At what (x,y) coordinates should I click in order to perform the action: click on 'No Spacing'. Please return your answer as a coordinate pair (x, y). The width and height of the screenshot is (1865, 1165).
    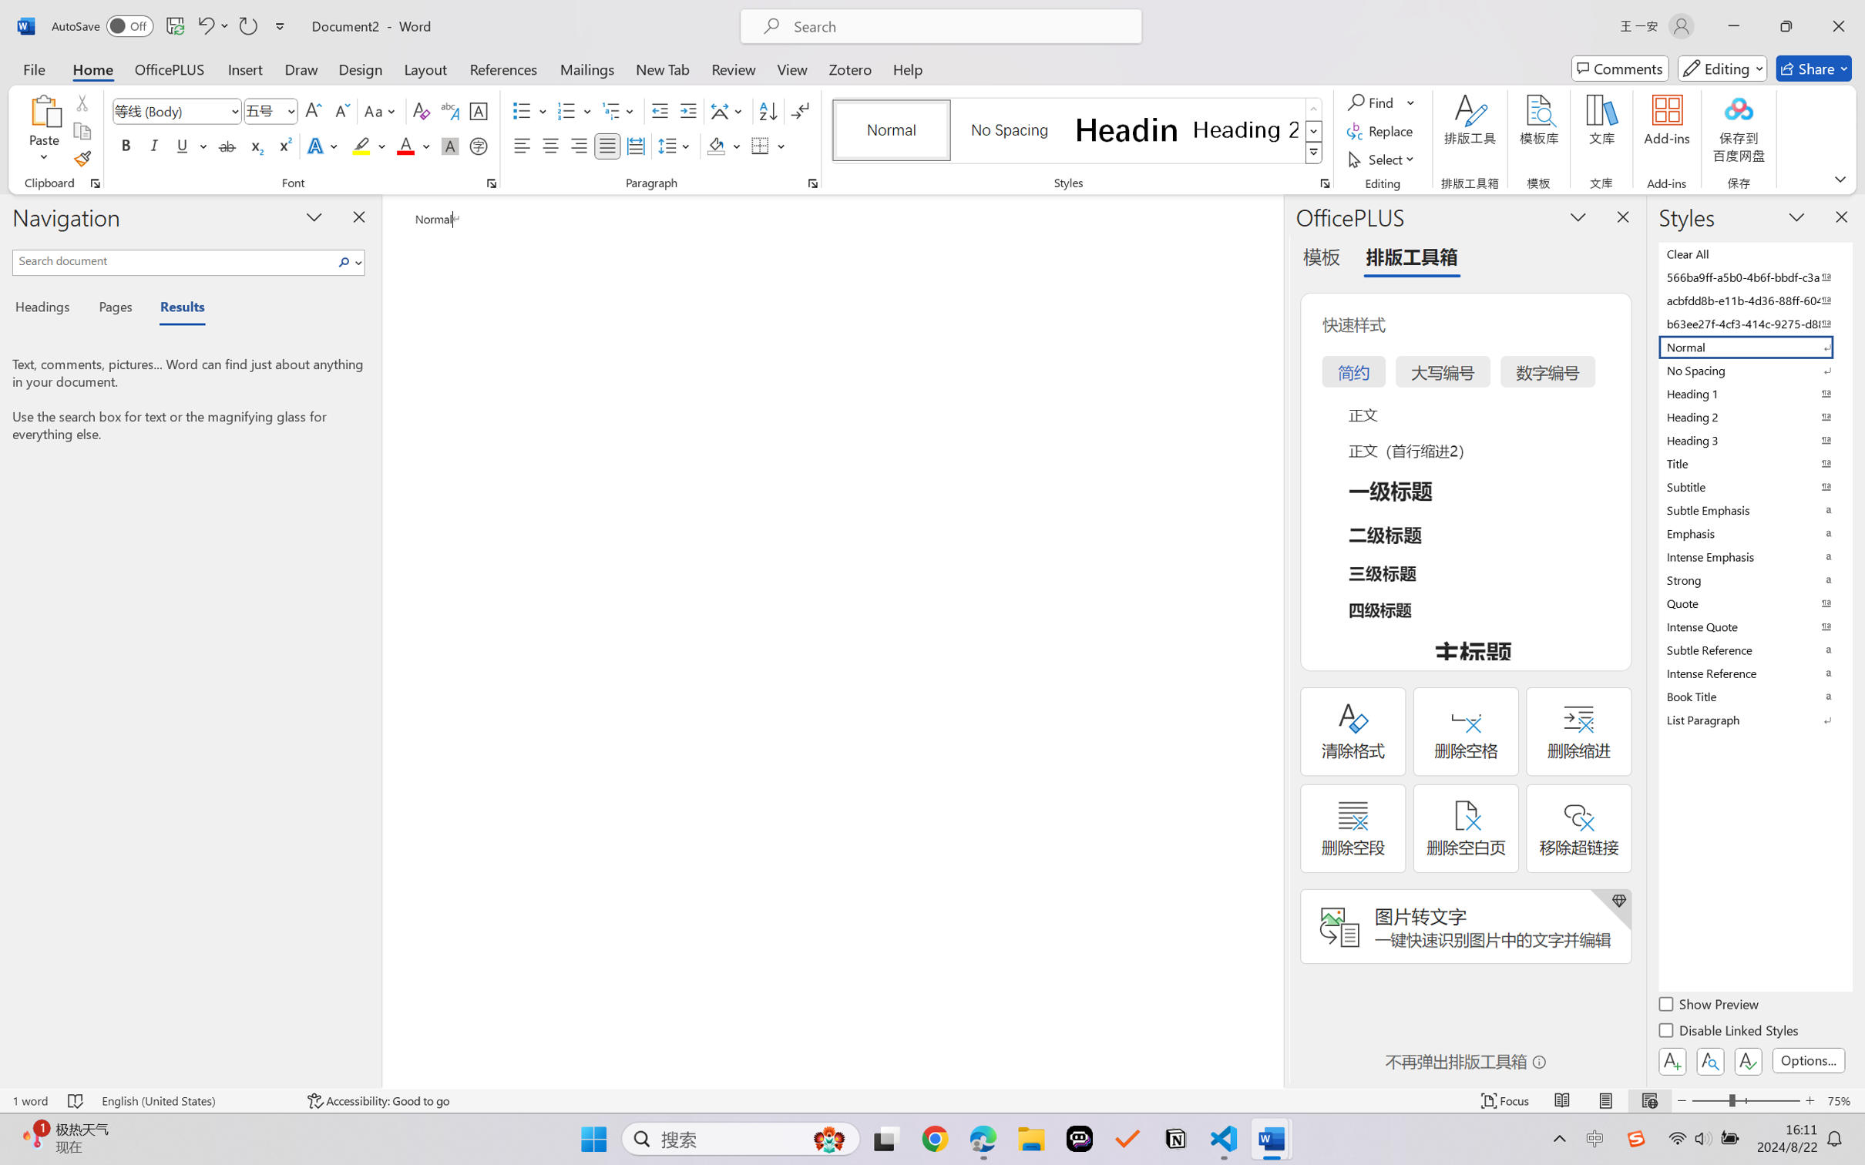
    Looking at the image, I should click on (1753, 369).